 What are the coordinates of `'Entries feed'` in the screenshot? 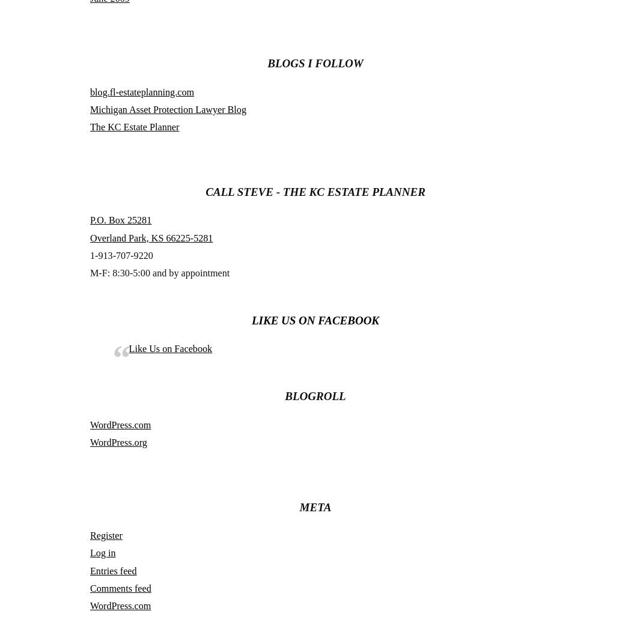 It's located at (90, 570).